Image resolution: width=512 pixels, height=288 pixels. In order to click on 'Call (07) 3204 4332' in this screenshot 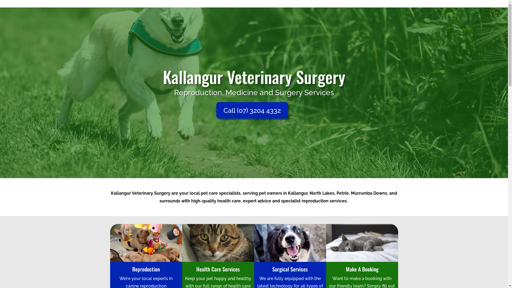, I will do `click(251, 110)`.